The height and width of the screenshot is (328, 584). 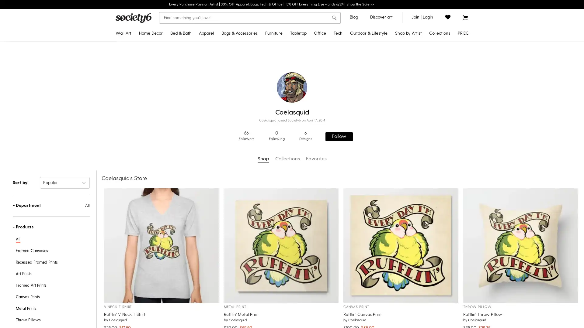 I want to click on Pride Gear, so click(x=439, y=68).